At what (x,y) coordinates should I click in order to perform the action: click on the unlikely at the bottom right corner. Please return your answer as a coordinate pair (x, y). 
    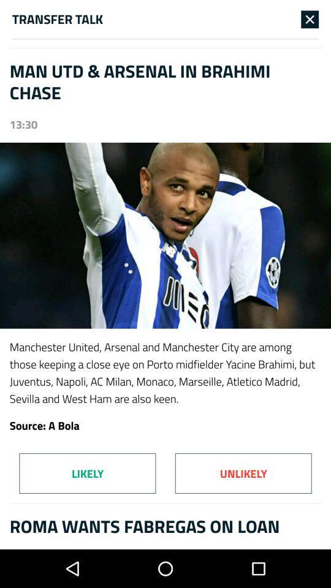
    Looking at the image, I should click on (243, 473).